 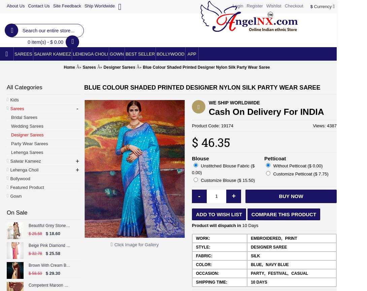 What do you see at coordinates (223, 169) in the screenshot?
I see `'Unstitched Blouse Fabric ($ 0.00)'` at bounding box center [223, 169].